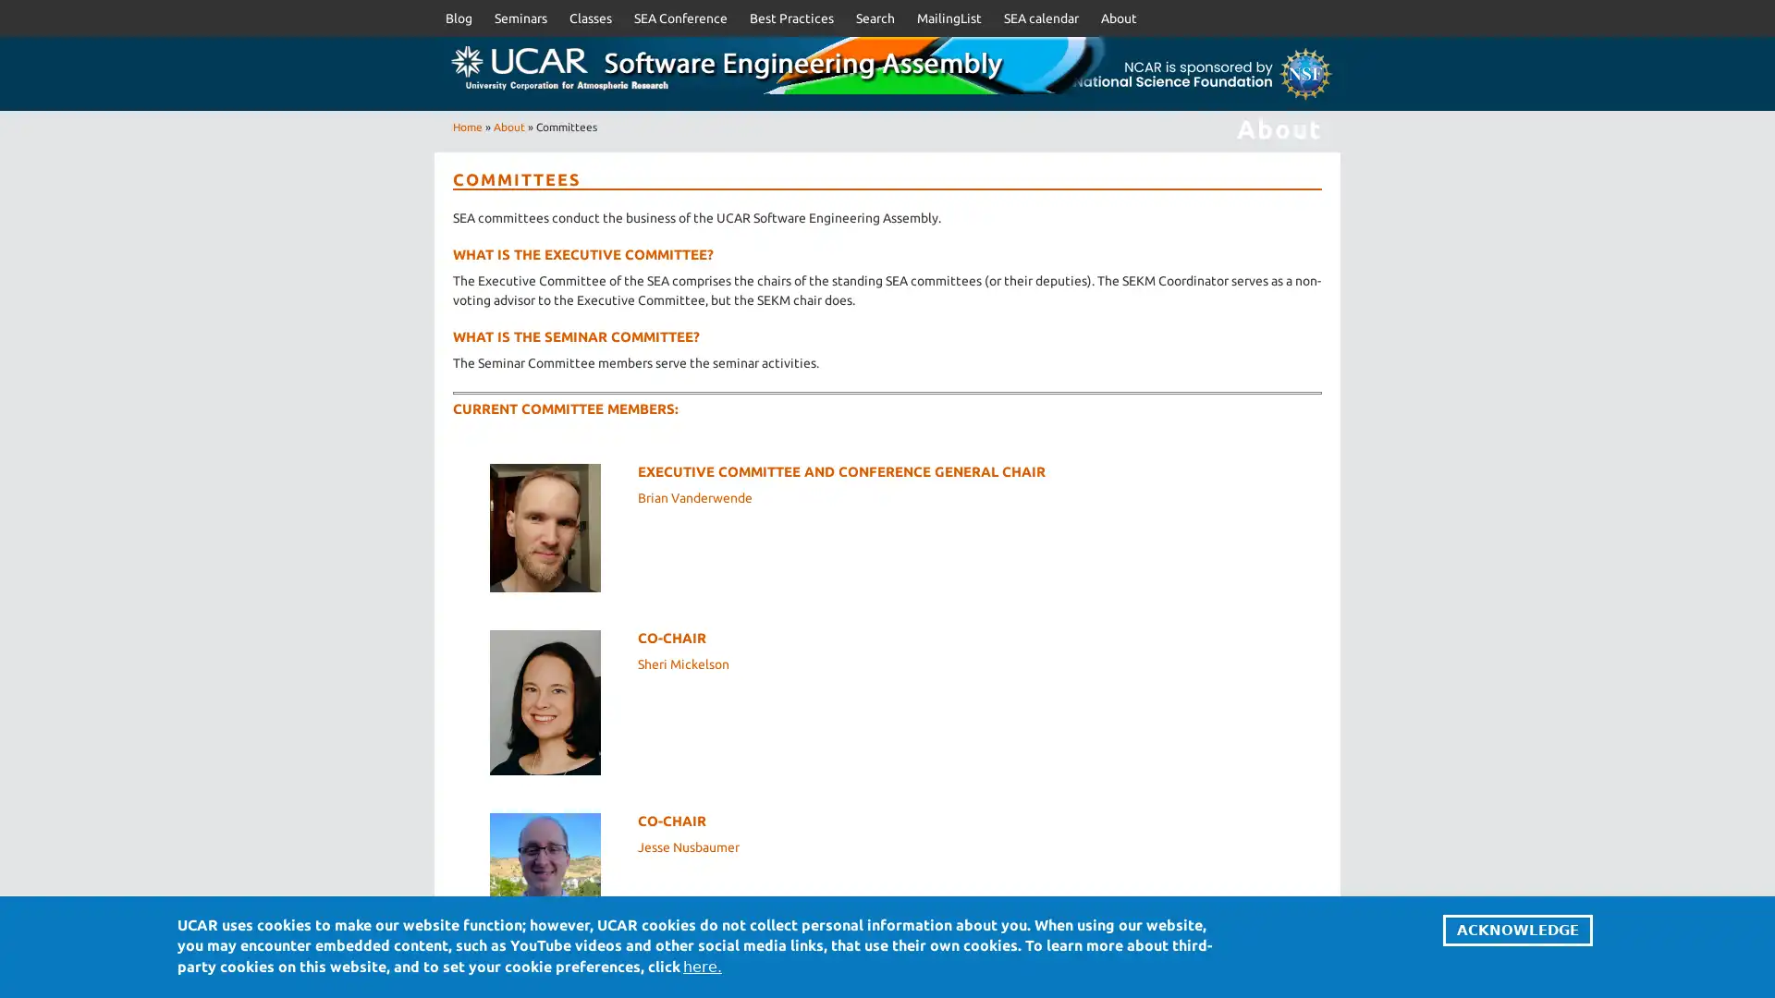  I want to click on here., so click(701, 965).